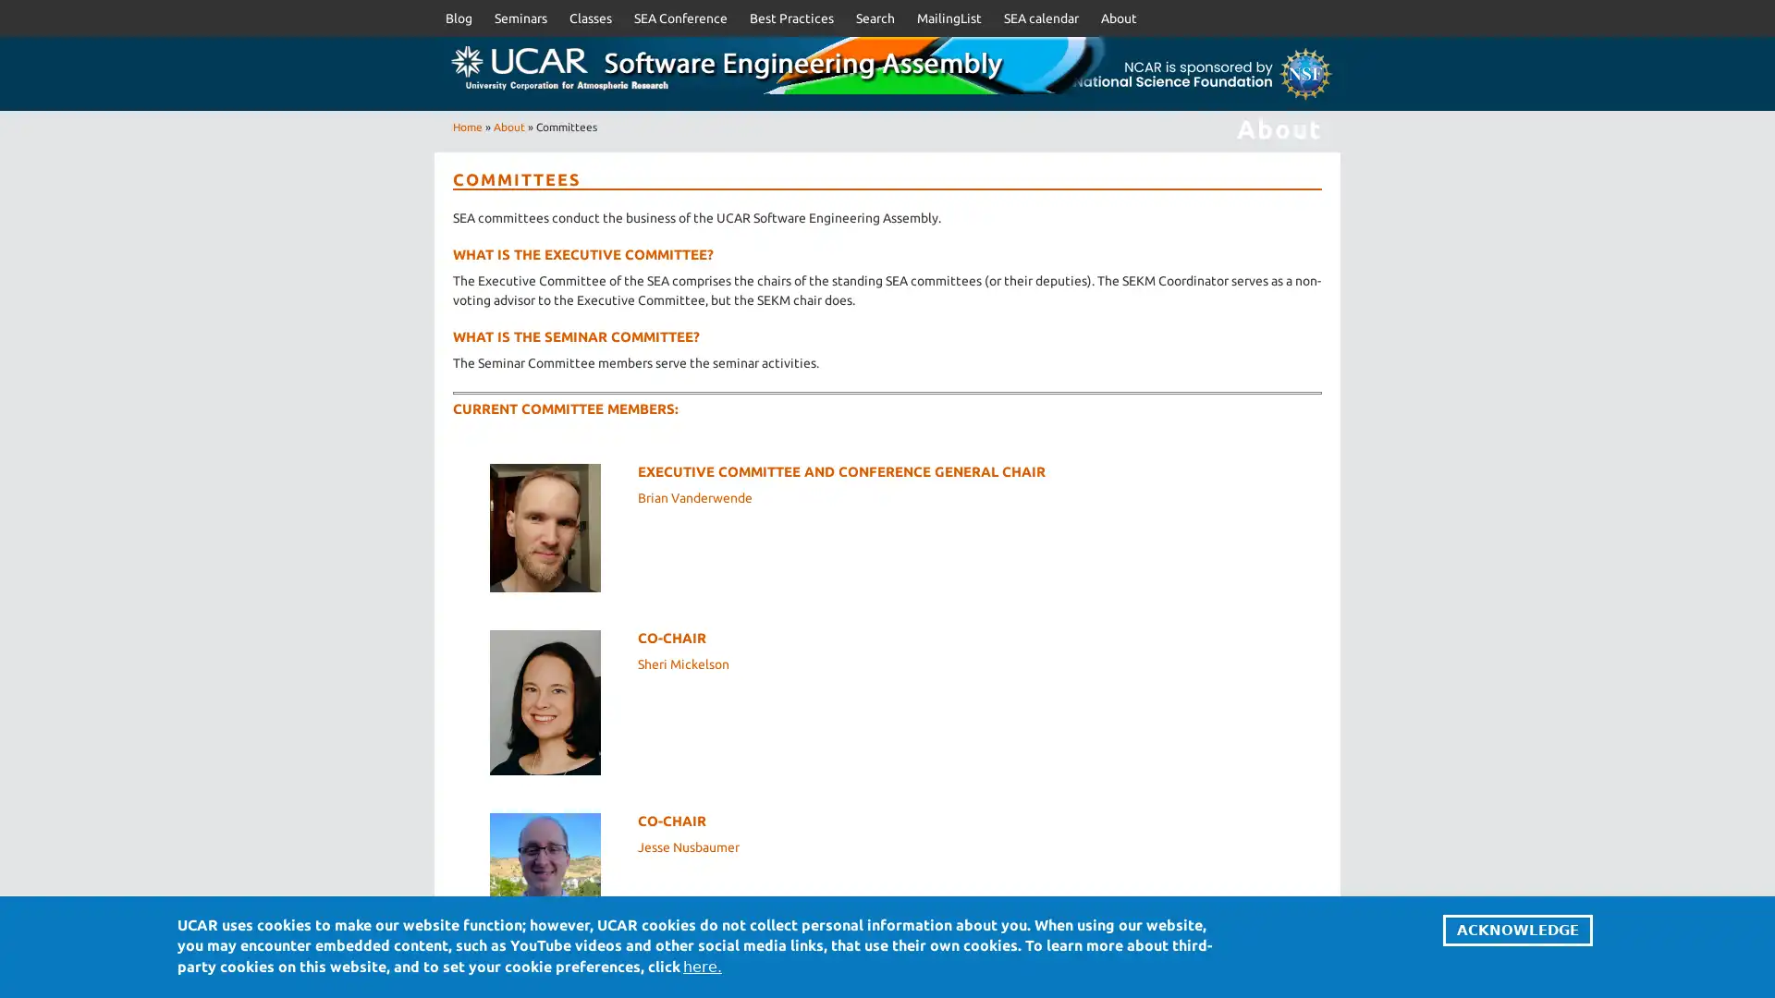  I want to click on here., so click(701, 965).